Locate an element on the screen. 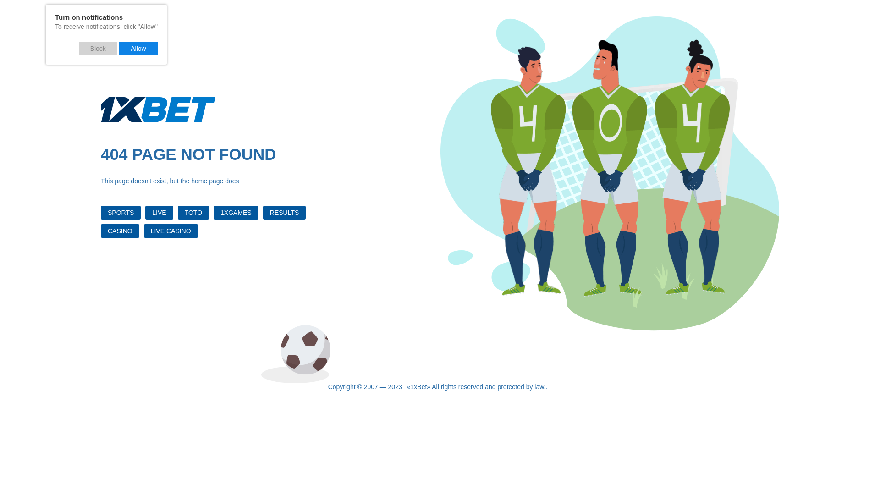  'the home page' is located at coordinates (180, 181).